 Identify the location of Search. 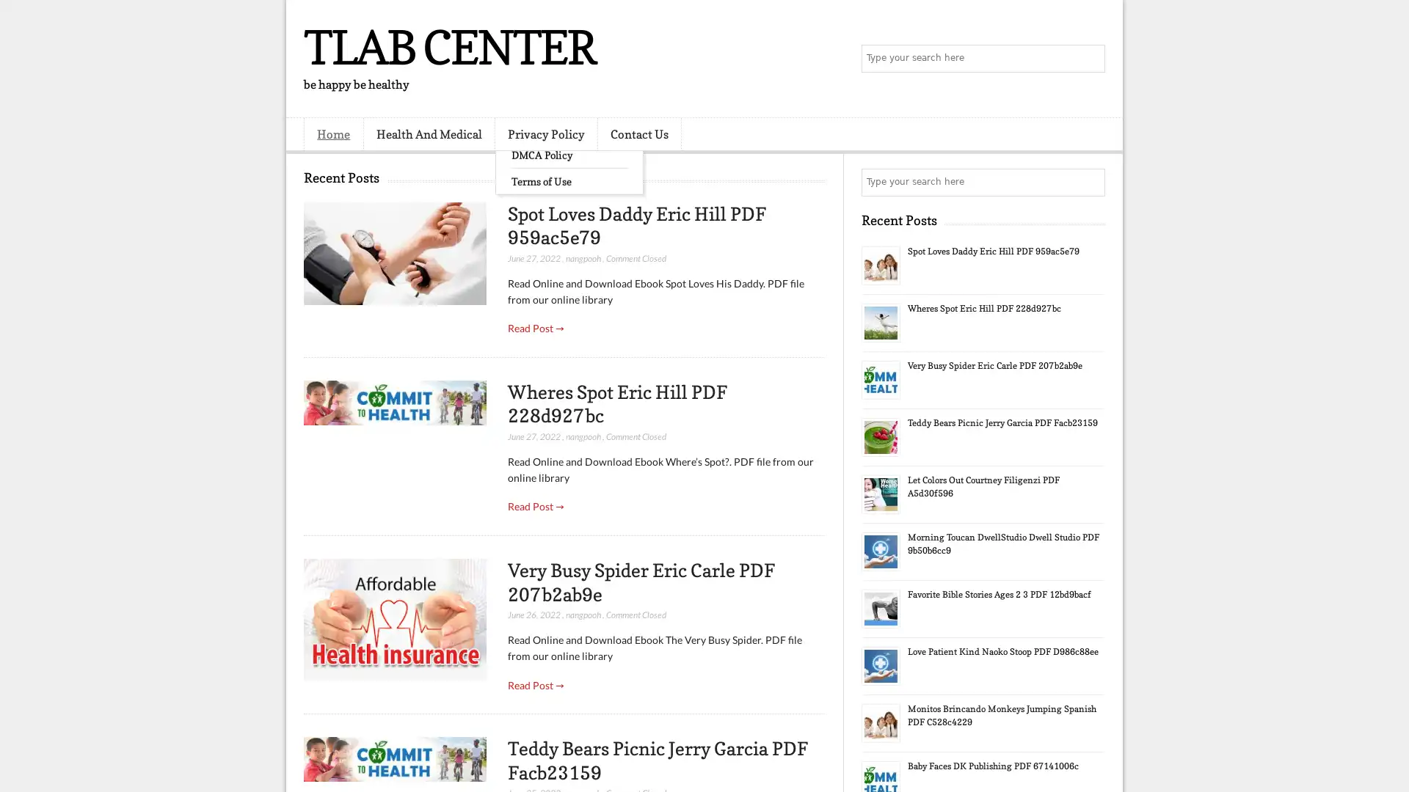
(1090, 182).